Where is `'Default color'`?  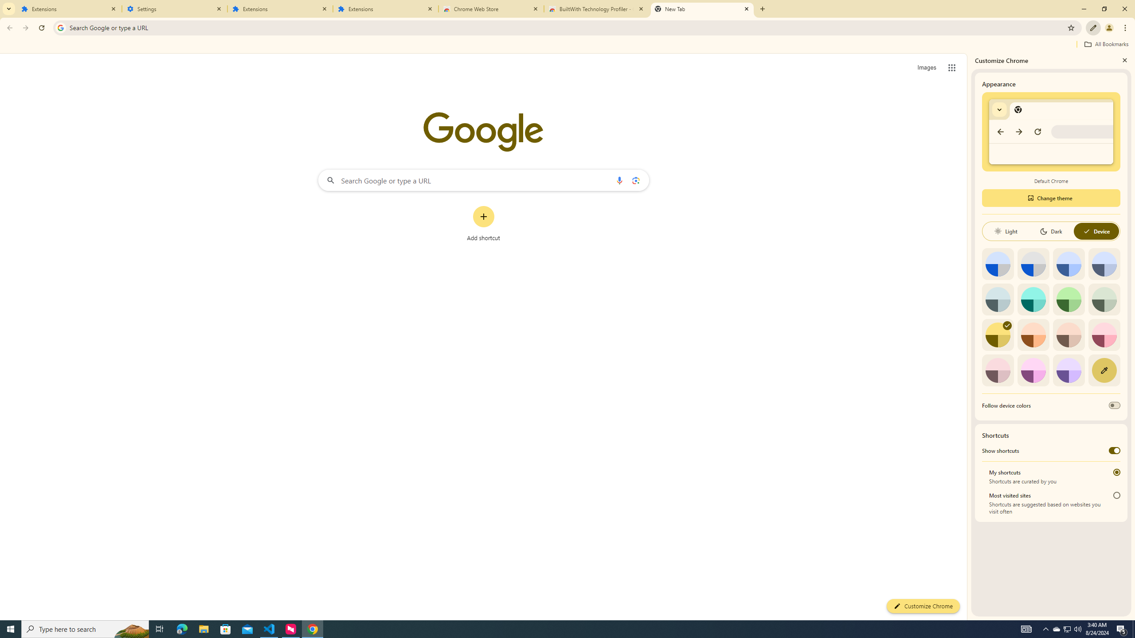
'Default color' is located at coordinates (998, 264).